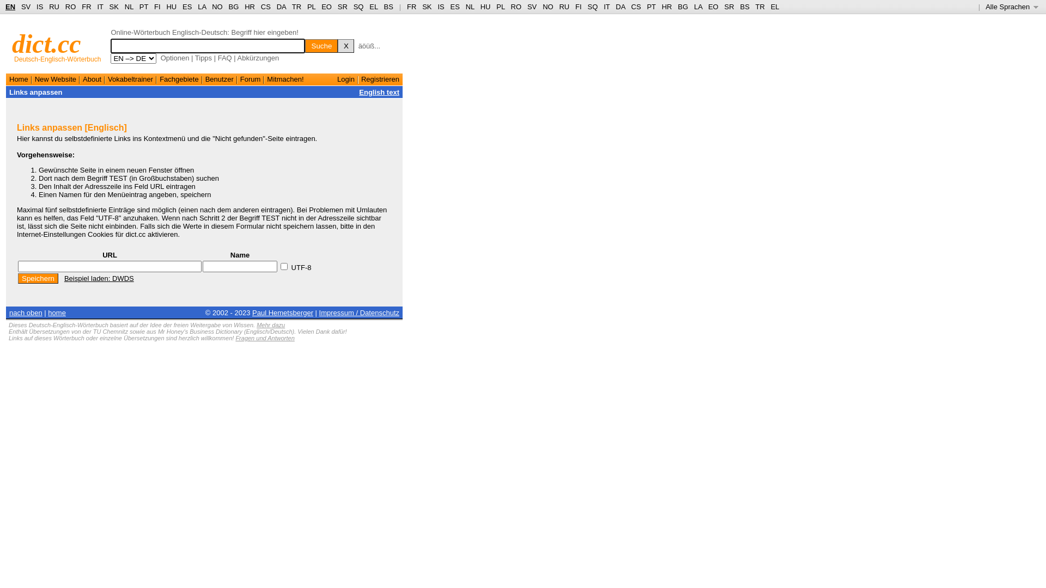  Describe the element at coordinates (345, 78) in the screenshot. I see `'Login'` at that location.